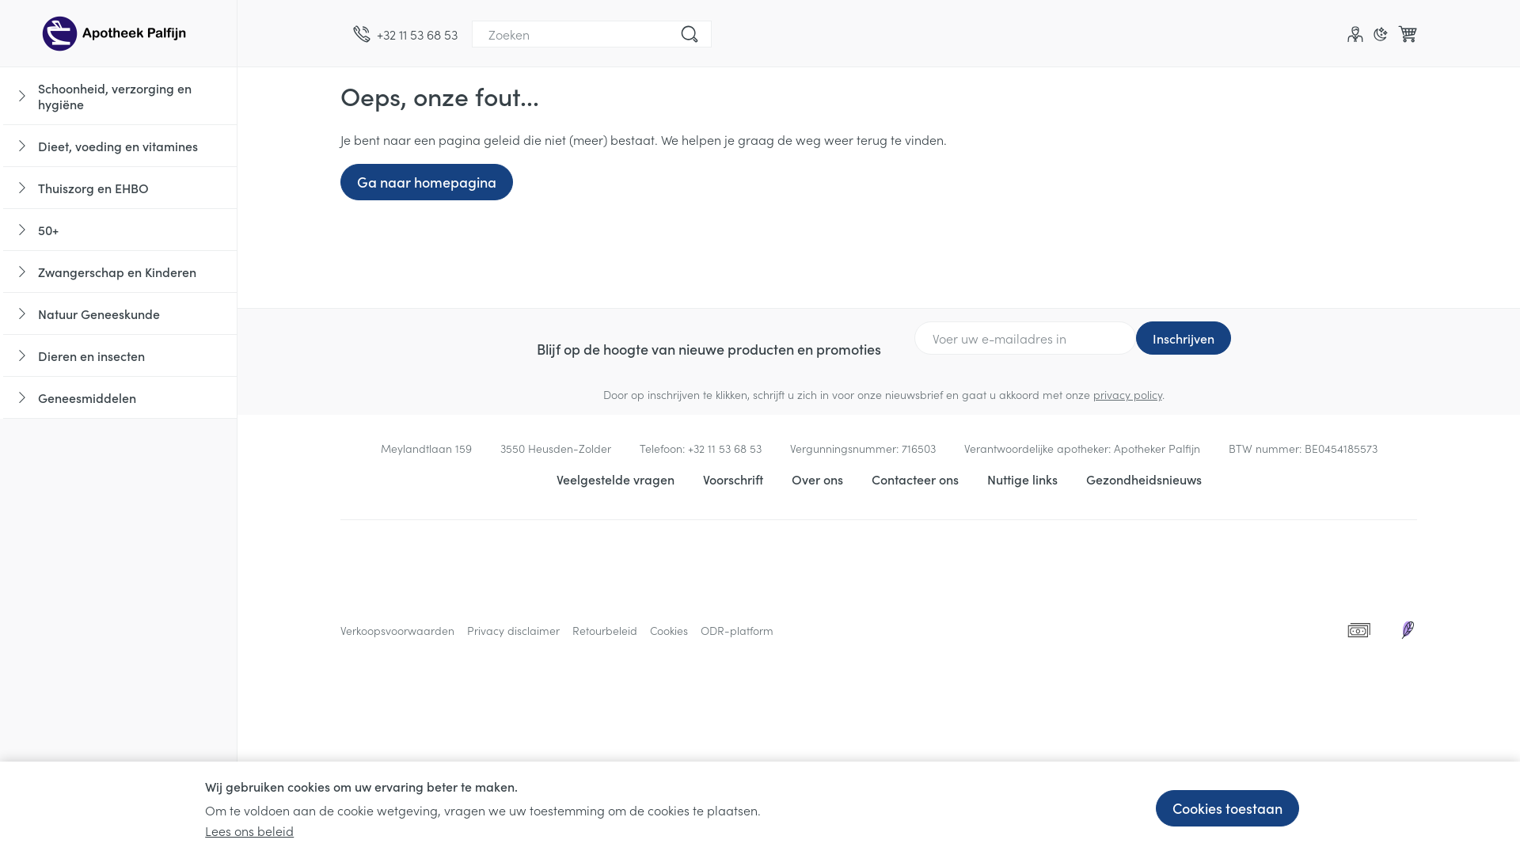 This screenshot has width=1520, height=855. I want to click on '+32 11 53 68 53', so click(405, 33).